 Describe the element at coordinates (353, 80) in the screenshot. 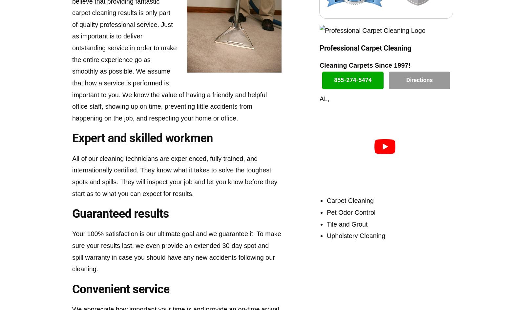

I see `'855-274-5474'` at that location.